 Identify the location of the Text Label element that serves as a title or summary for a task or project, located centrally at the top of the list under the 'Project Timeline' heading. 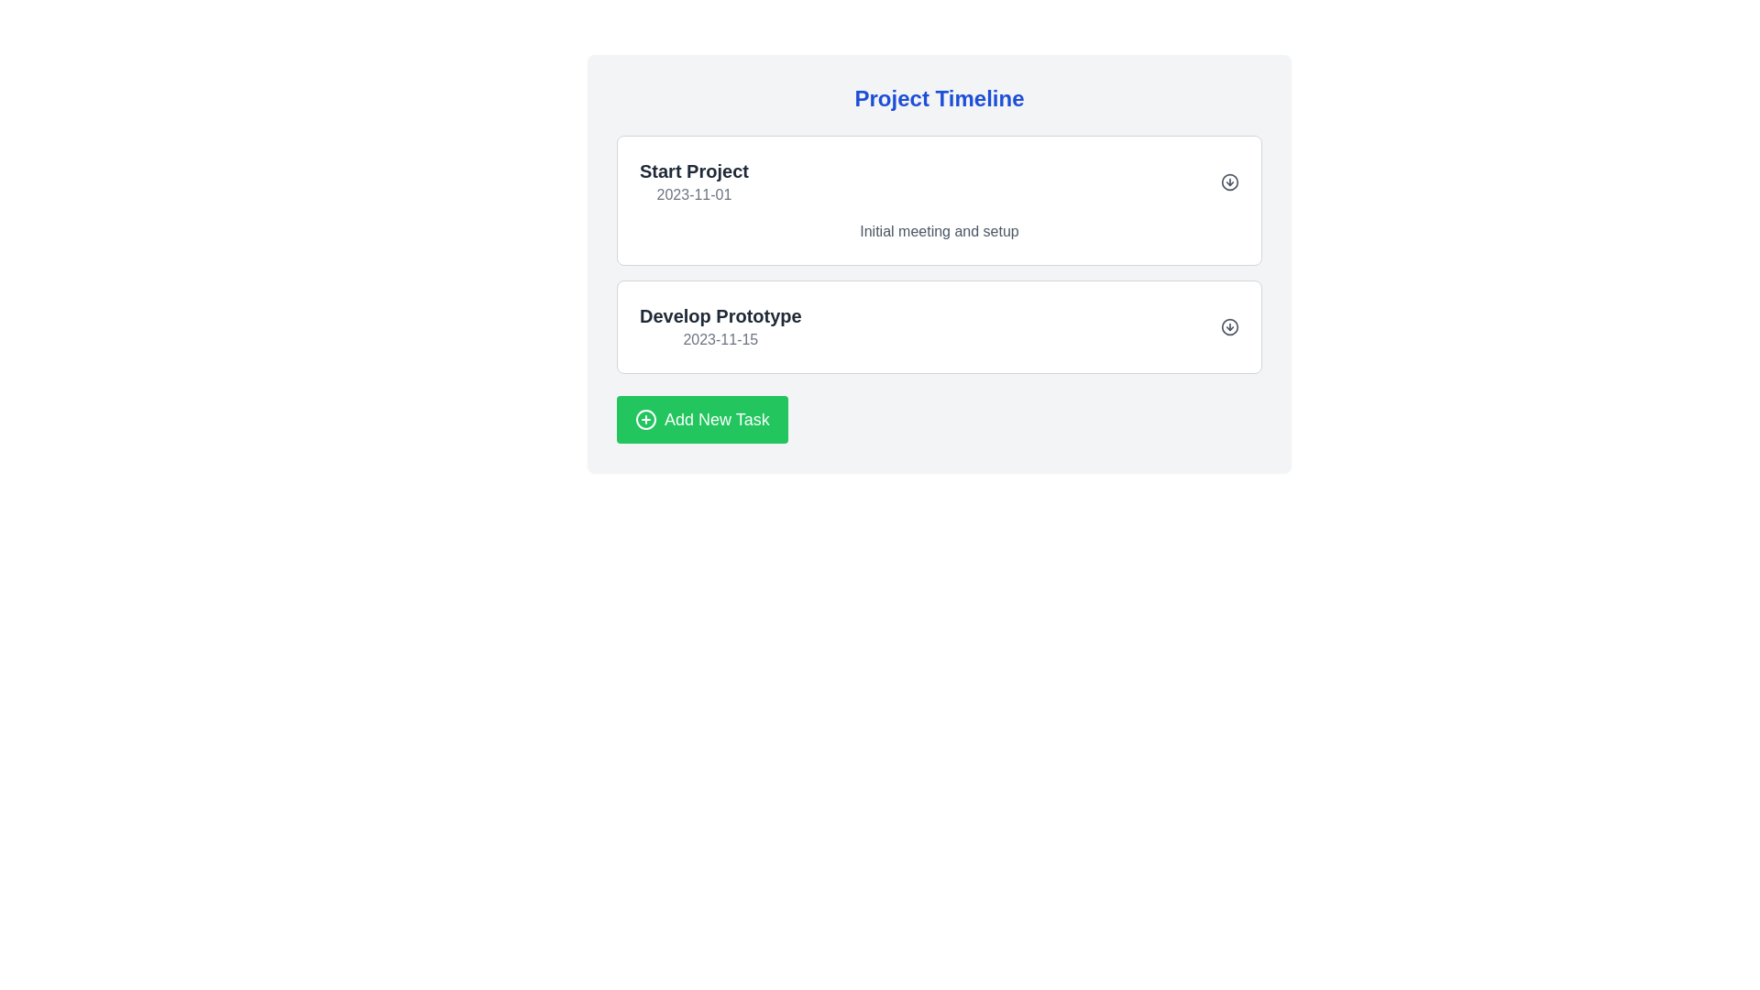
(693, 170).